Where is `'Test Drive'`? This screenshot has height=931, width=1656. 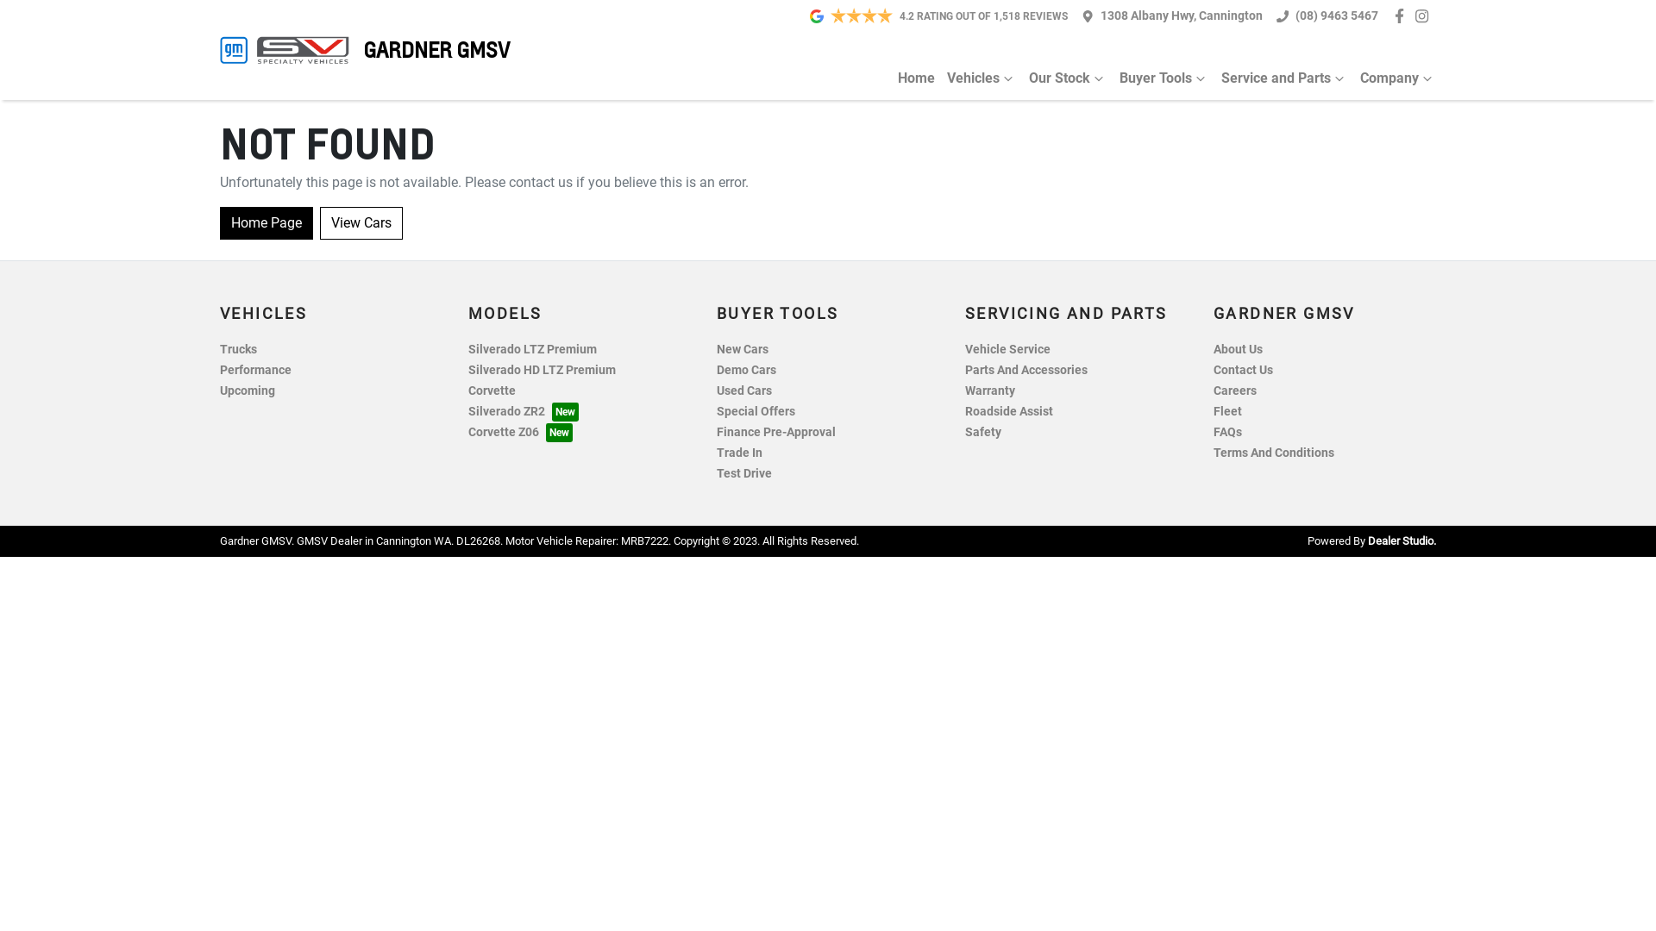
'Test Drive' is located at coordinates (744, 473).